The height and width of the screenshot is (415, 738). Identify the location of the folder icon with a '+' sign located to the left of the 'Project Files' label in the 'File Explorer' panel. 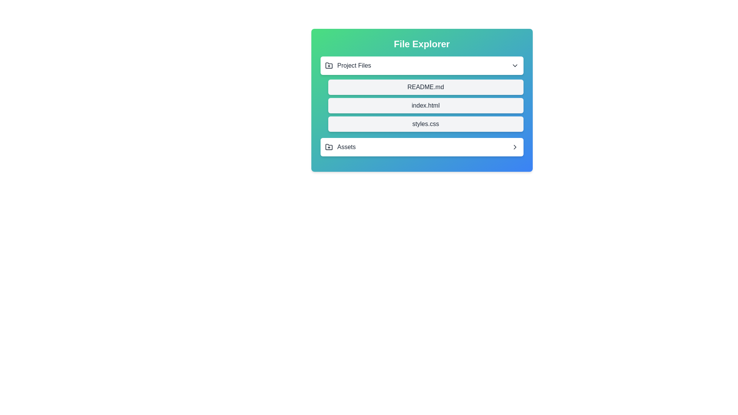
(329, 65).